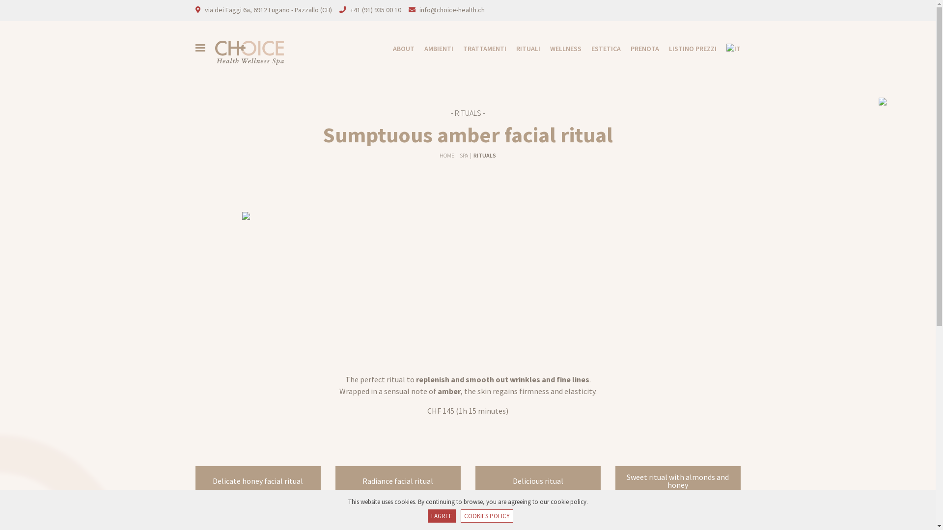 This screenshot has width=943, height=530. Describe the element at coordinates (620, 49) in the screenshot. I see `'PRENOTA'` at that location.